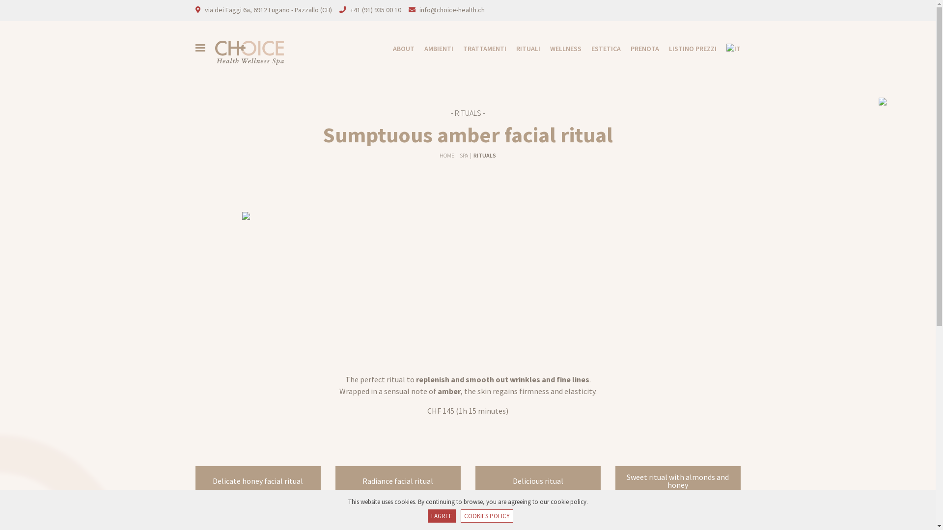 This screenshot has width=943, height=530. Describe the element at coordinates (620, 49) in the screenshot. I see `'PRENOTA'` at that location.